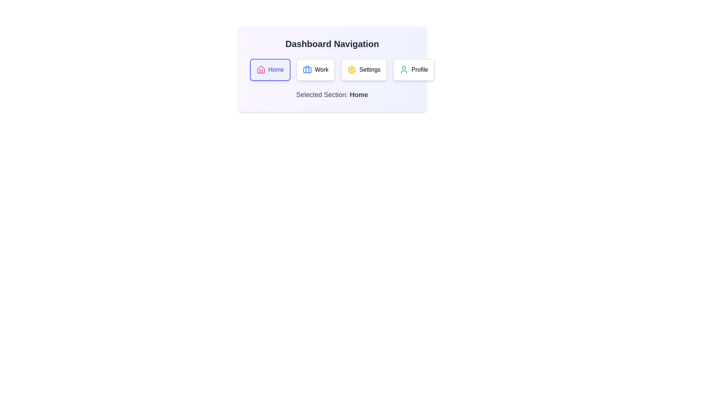 The width and height of the screenshot is (706, 397). What do you see at coordinates (270, 69) in the screenshot?
I see `the 'Home' button located in the top left of the navigation bar, which has a light indigo background and a pink home icon` at bounding box center [270, 69].